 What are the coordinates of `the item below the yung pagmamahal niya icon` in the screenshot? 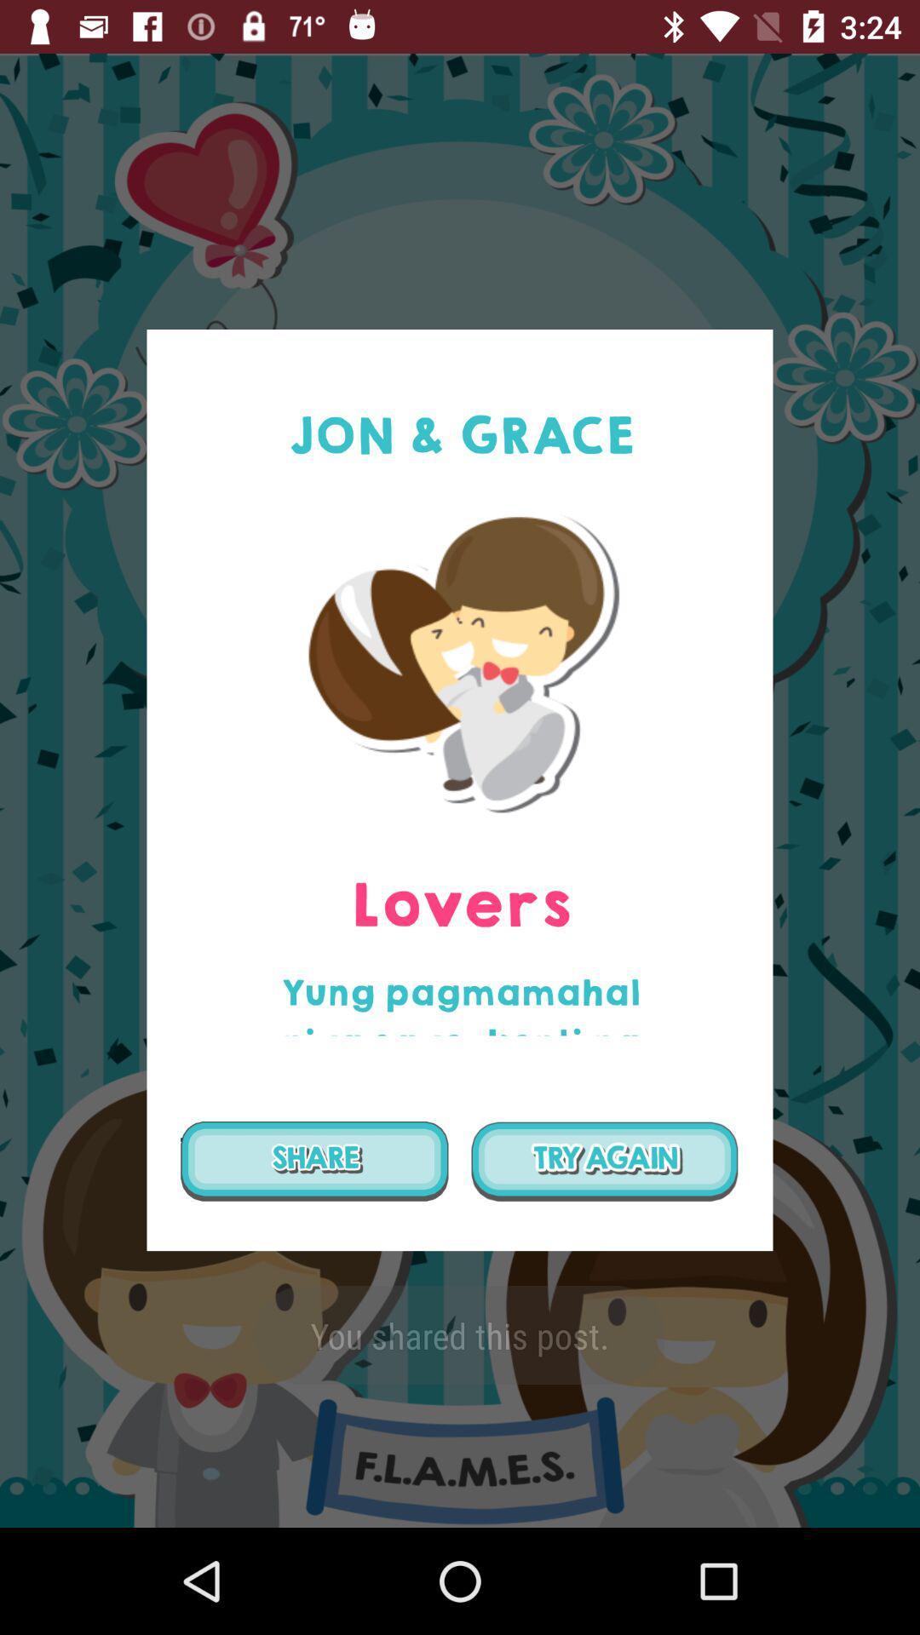 It's located at (314, 1160).